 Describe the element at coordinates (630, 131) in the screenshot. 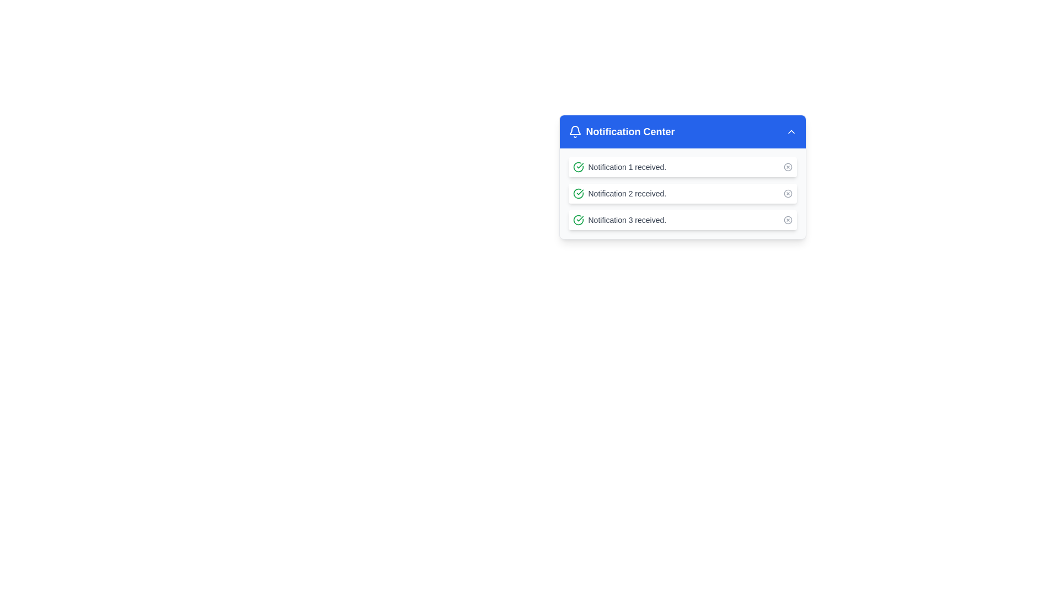

I see `the 'Notification Center' text label, which is styled with white text on a blue background and is part of the header of the notification section` at that location.